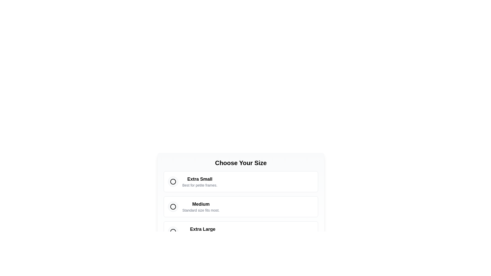  Describe the element at coordinates (200, 206) in the screenshot. I see `the 'Medium' size option label located inside a white card, positioned centrally below a gray selection indicator in the size selection interface` at that location.